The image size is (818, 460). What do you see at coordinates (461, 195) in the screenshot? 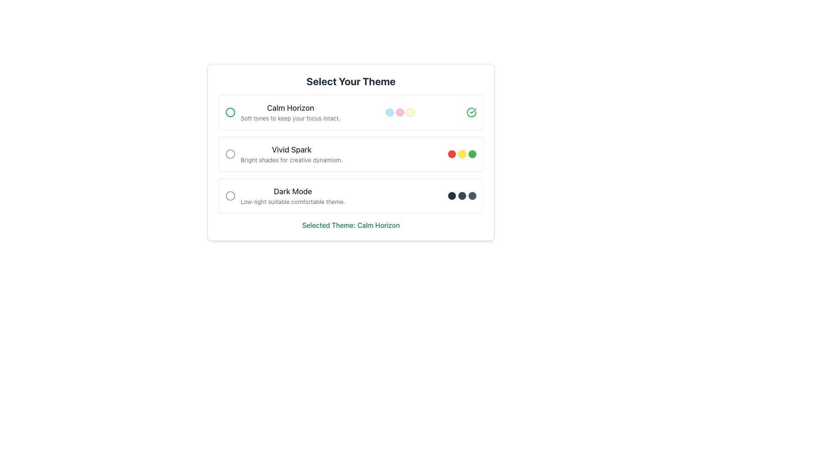
I see `the middle circular button in the Dark Mode section of the theme selection interface, which has a dark gray background and a thin gray outline` at bounding box center [461, 195].